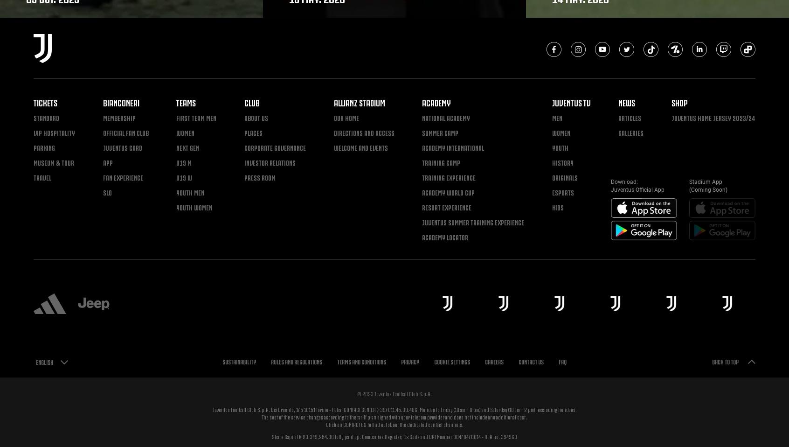 The width and height of the screenshot is (789, 447). What do you see at coordinates (44, 362) in the screenshot?
I see `'English'` at bounding box center [44, 362].